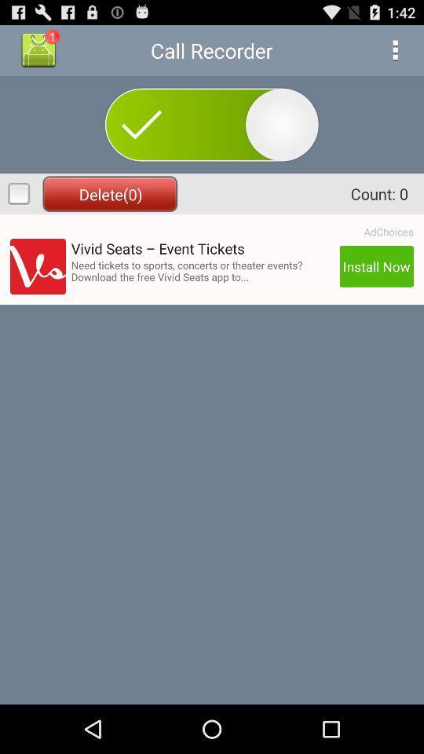  Describe the element at coordinates (375, 266) in the screenshot. I see `the app next to the need tickets to app` at that location.